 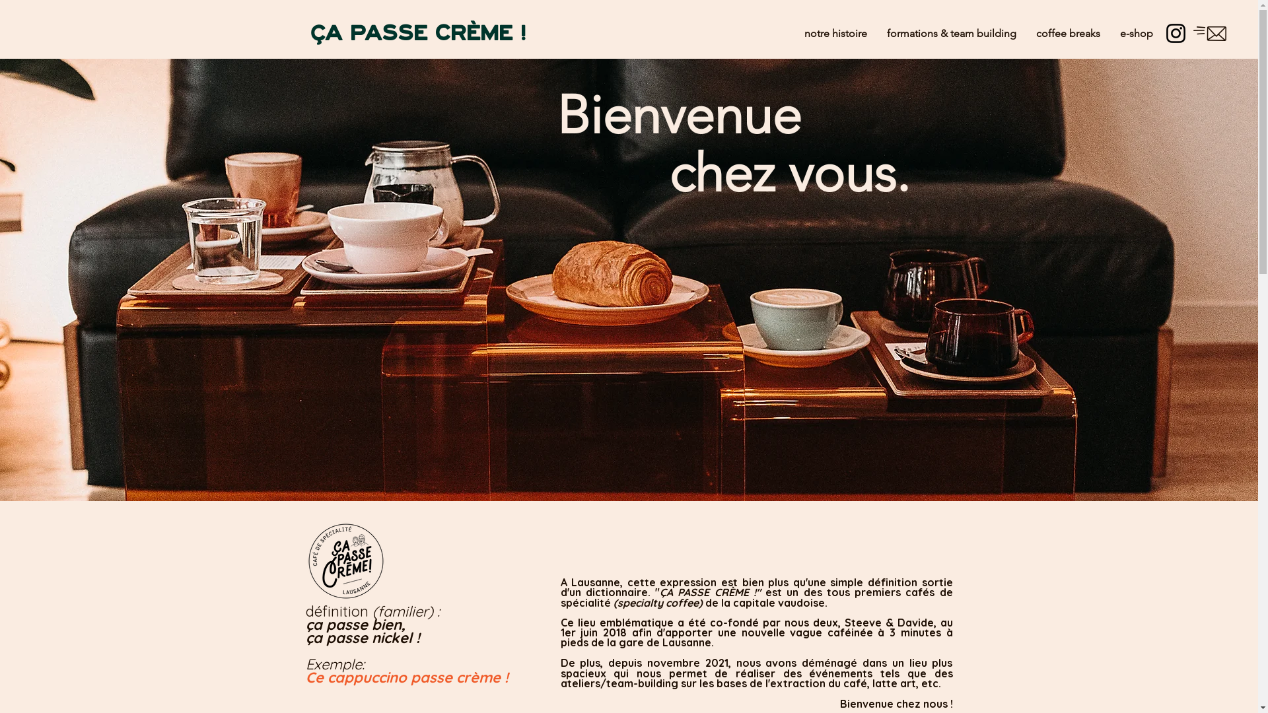 What do you see at coordinates (835, 32) in the screenshot?
I see `'notre histoire'` at bounding box center [835, 32].